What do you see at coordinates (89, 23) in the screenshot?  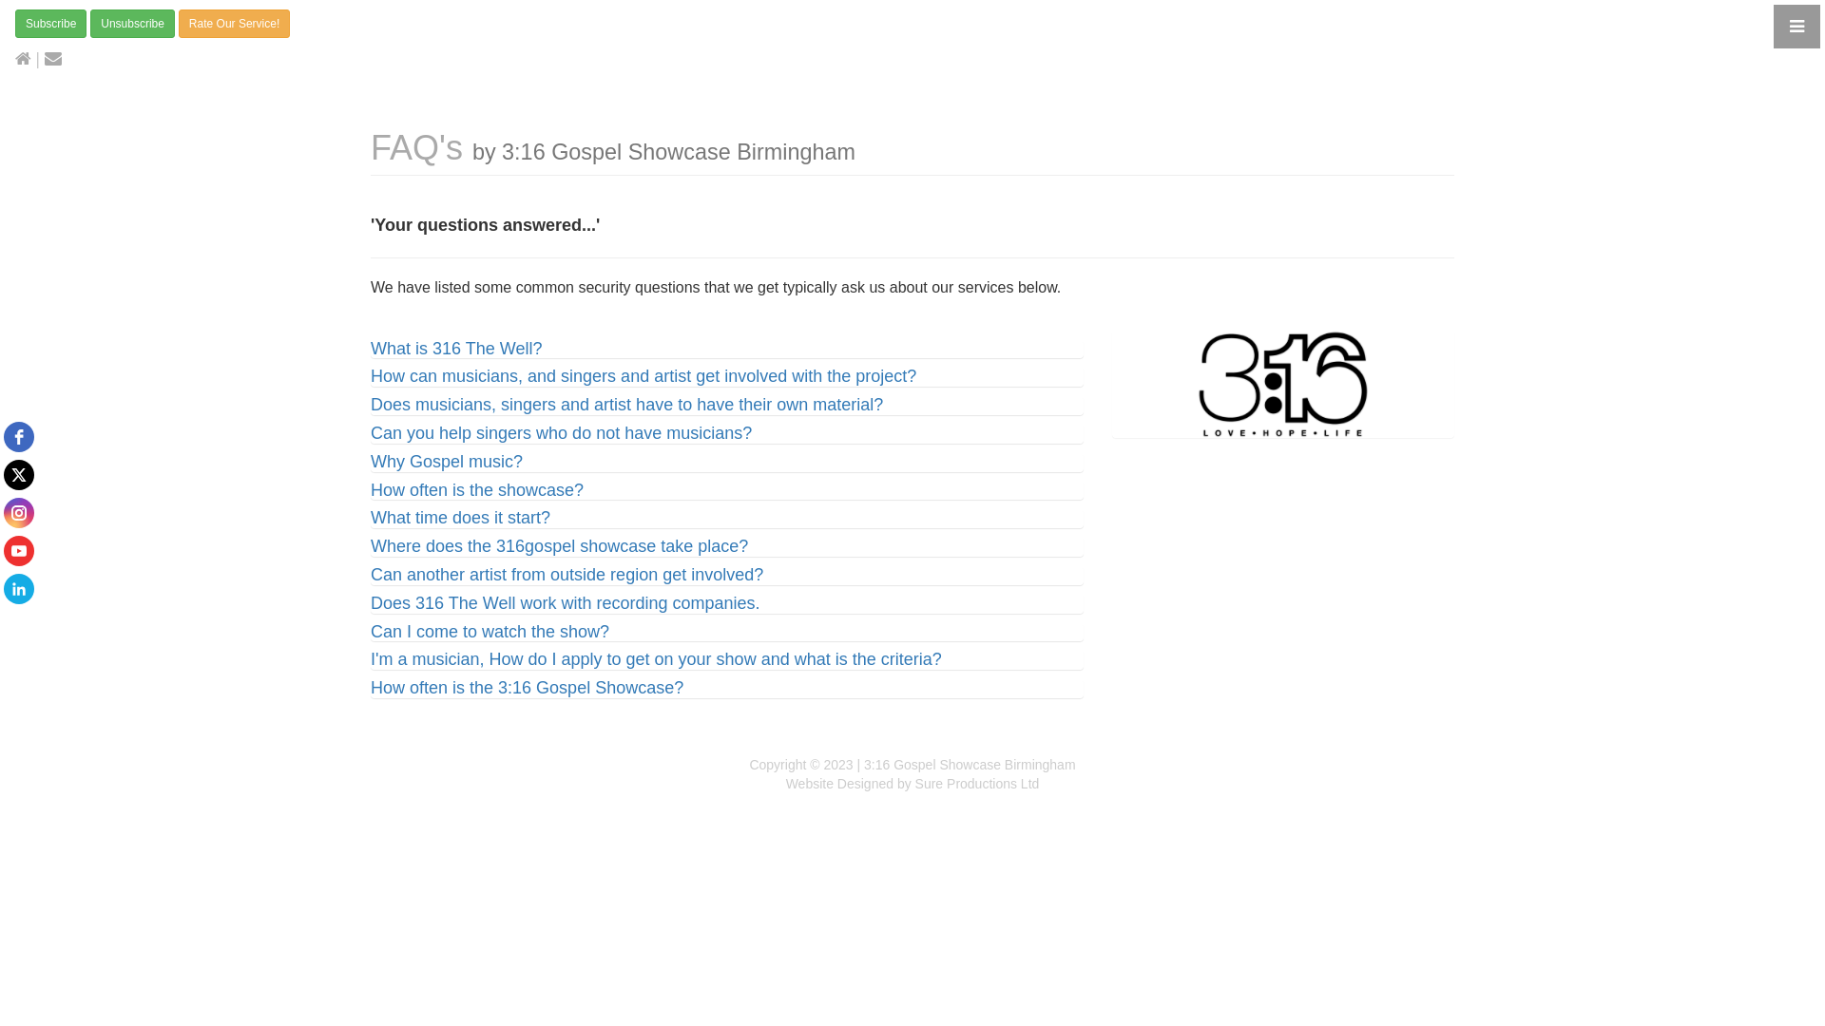 I see `'Unsubscribe'` at bounding box center [89, 23].